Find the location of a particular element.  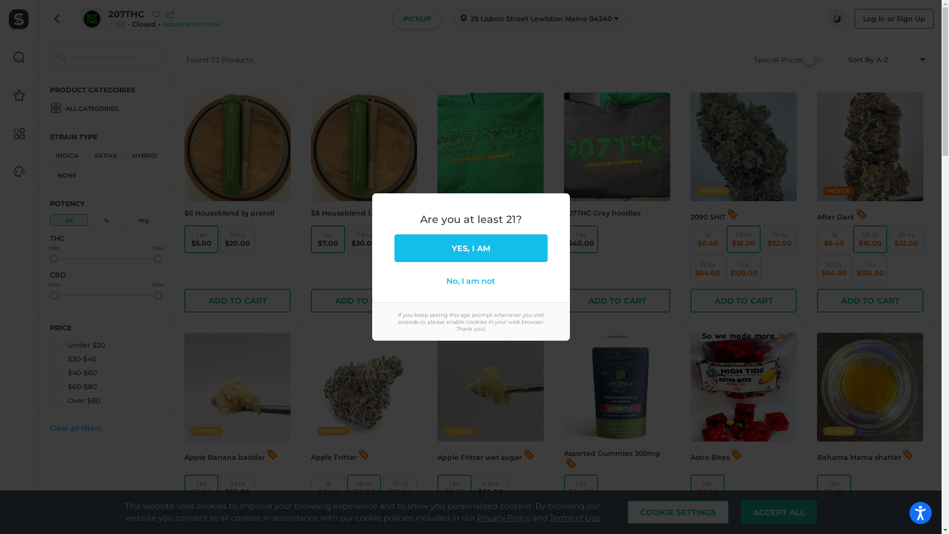

'All' is located at coordinates (68, 219).